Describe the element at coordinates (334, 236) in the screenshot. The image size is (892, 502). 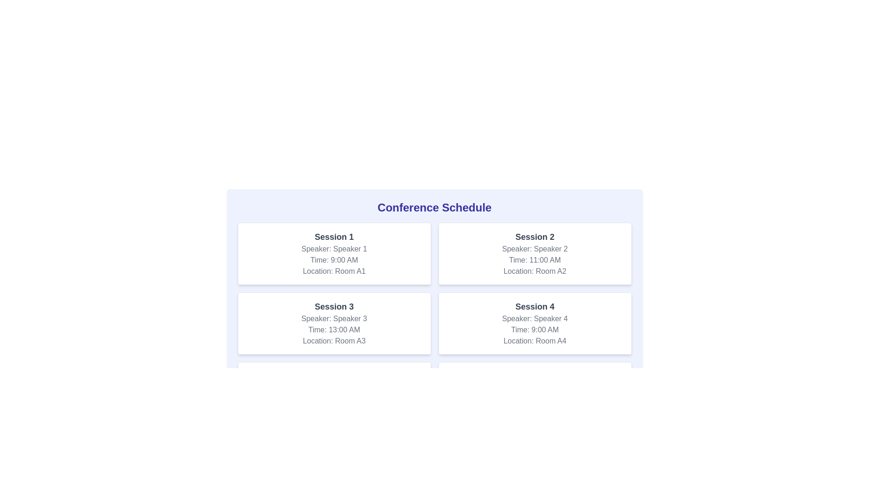
I see `text label that displays 'Session 1', which is prominently positioned at the top of the card in a large, bold font` at that location.